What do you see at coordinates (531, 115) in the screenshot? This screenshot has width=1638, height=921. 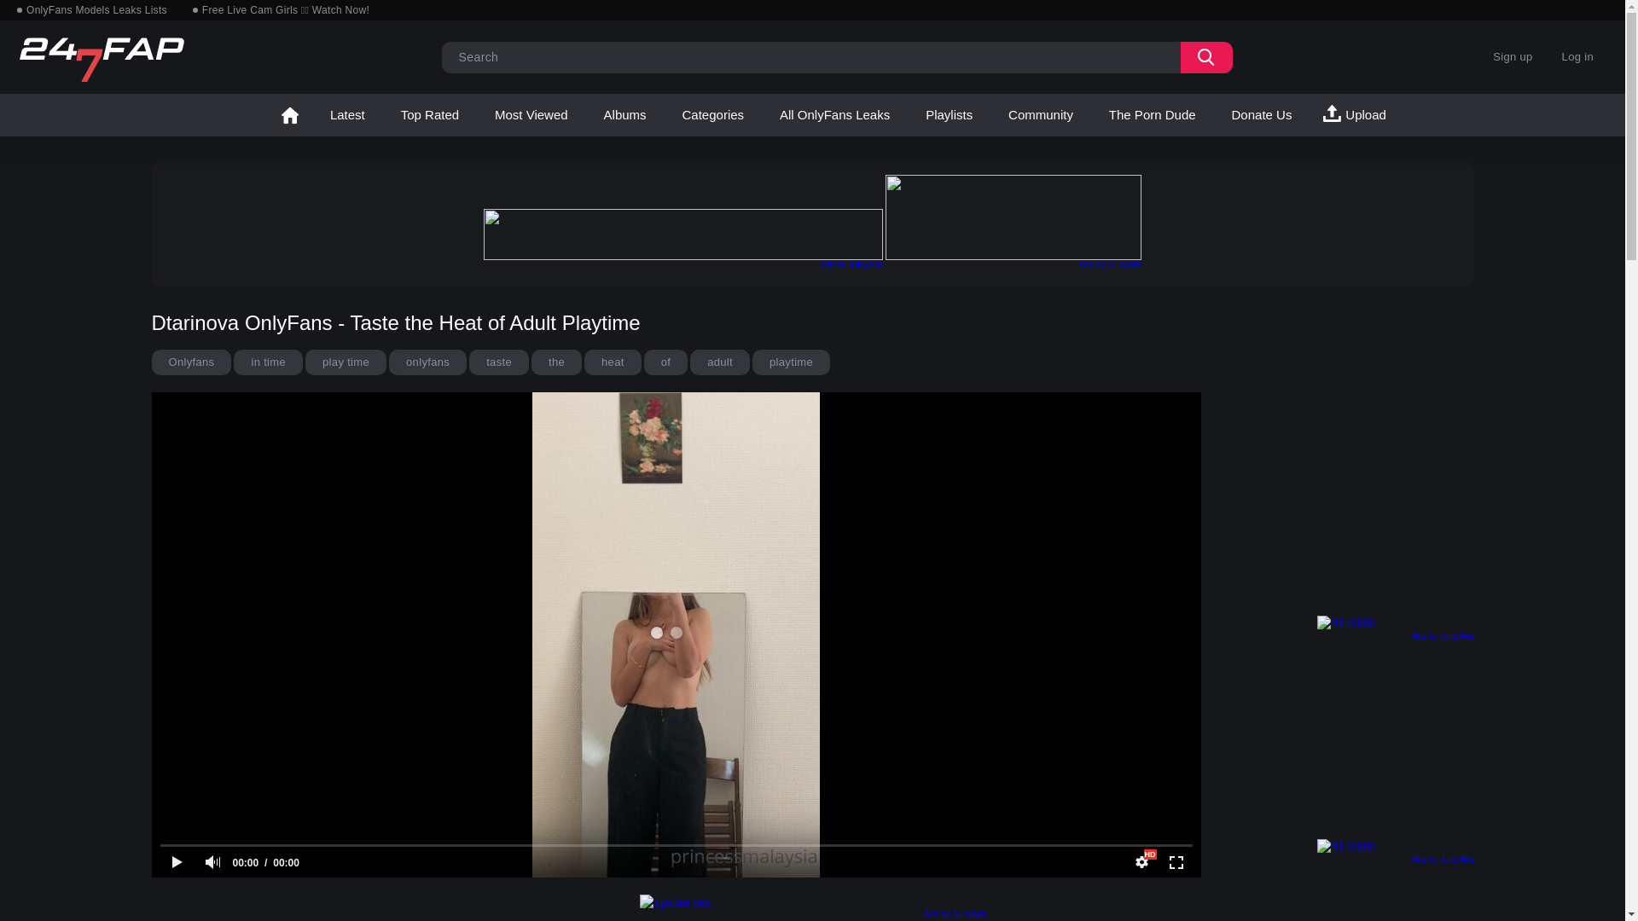 I see `'Most Viewed'` at bounding box center [531, 115].